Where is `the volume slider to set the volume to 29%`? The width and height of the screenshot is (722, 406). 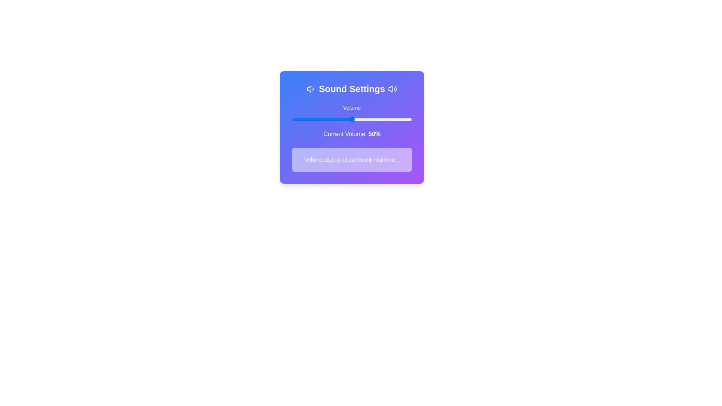
the volume slider to set the volume to 29% is located at coordinates (326, 119).